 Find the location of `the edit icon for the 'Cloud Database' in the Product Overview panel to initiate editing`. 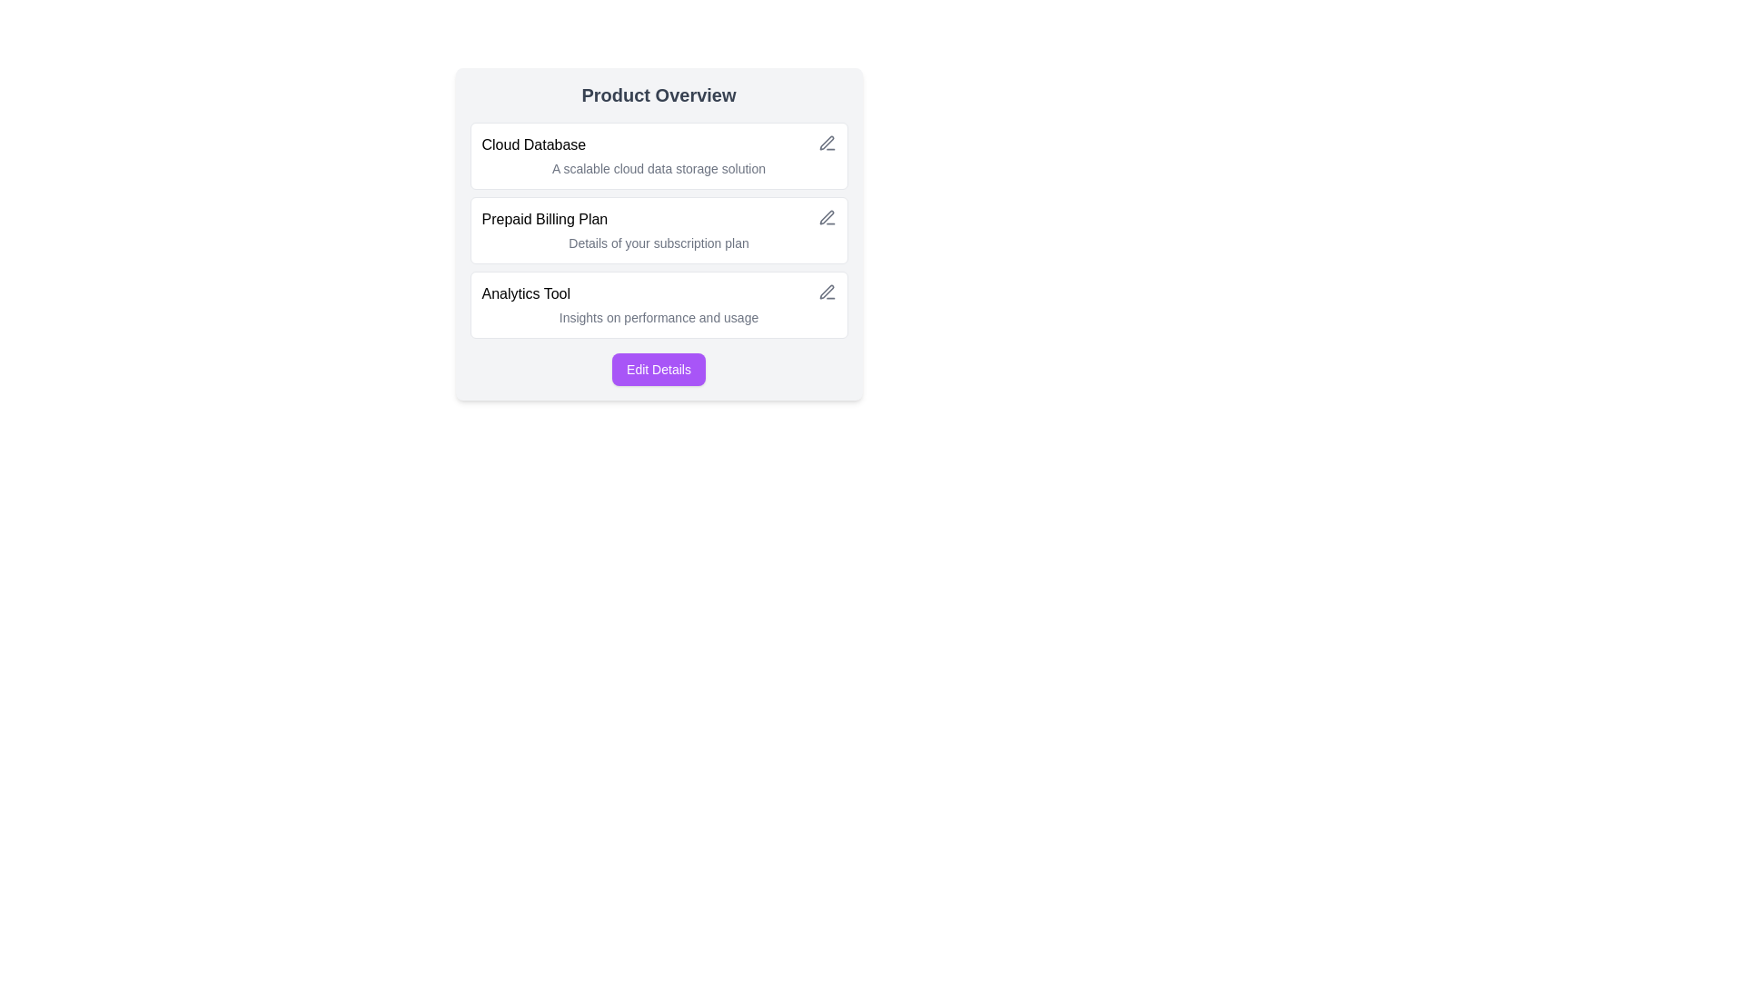

the edit icon for the 'Cloud Database' in the Product Overview panel to initiate editing is located at coordinates (826, 143).